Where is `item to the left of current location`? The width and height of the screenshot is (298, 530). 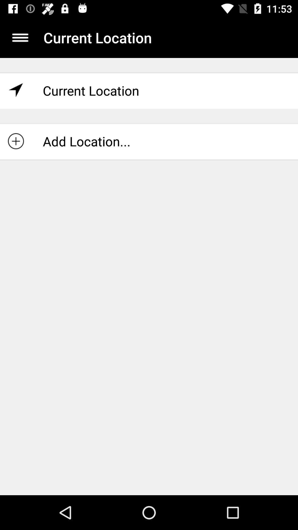 item to the left of current location is located at coordinates (20, 37).